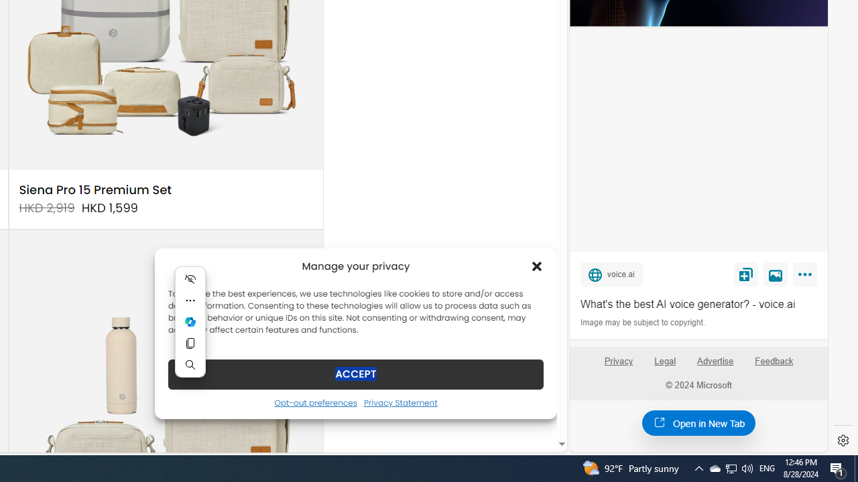 The width and height of the screenshot is (858, 482). I want to click on 'Legal', so click(665, 360).